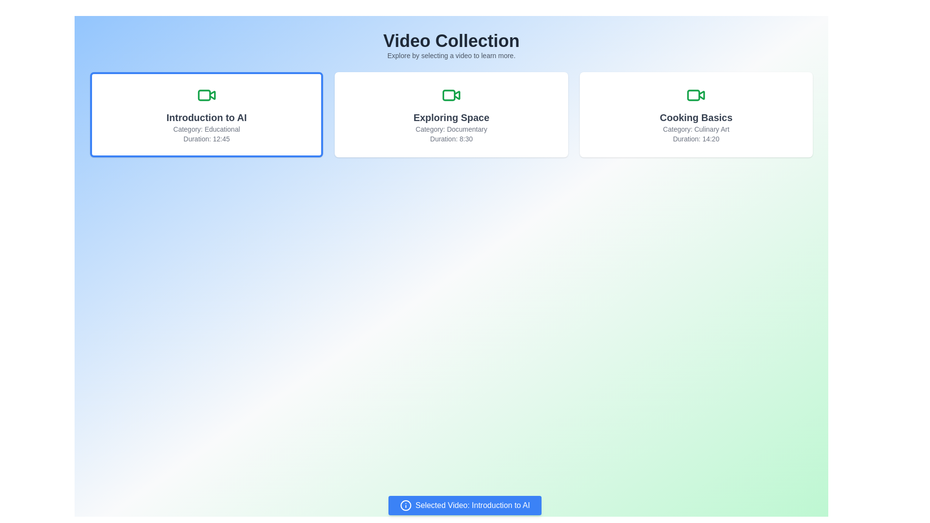 The image size is (930, 523). Describe the element at coordinates (450, 114) in the screenshot. I see `the second button-like card element in the video collection grid` at that location.